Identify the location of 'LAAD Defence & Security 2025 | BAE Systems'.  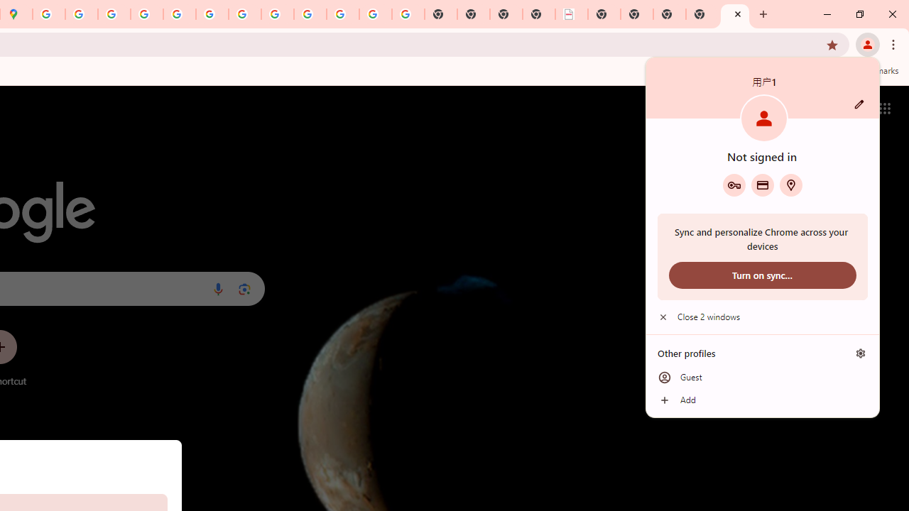
(572, 14).